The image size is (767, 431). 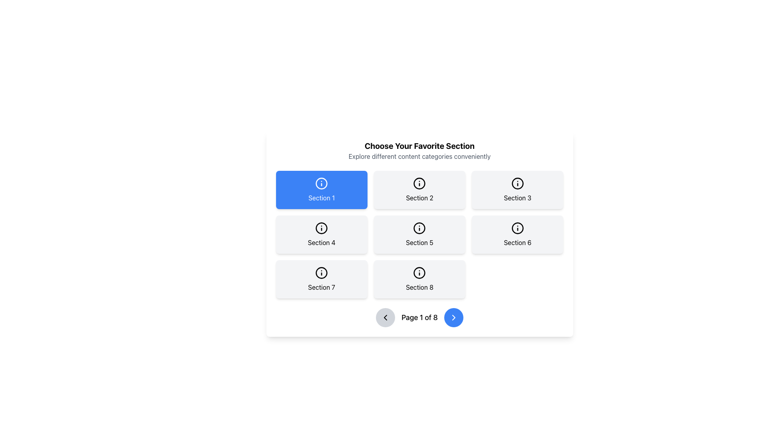 What do you see at coordinates (385, 317) in the screenshot?
I see `the navigation button located in the pagination section beneath the grid of options, on the left side of the text 'Page 1 of 8'` at bounding box center [385, 317].